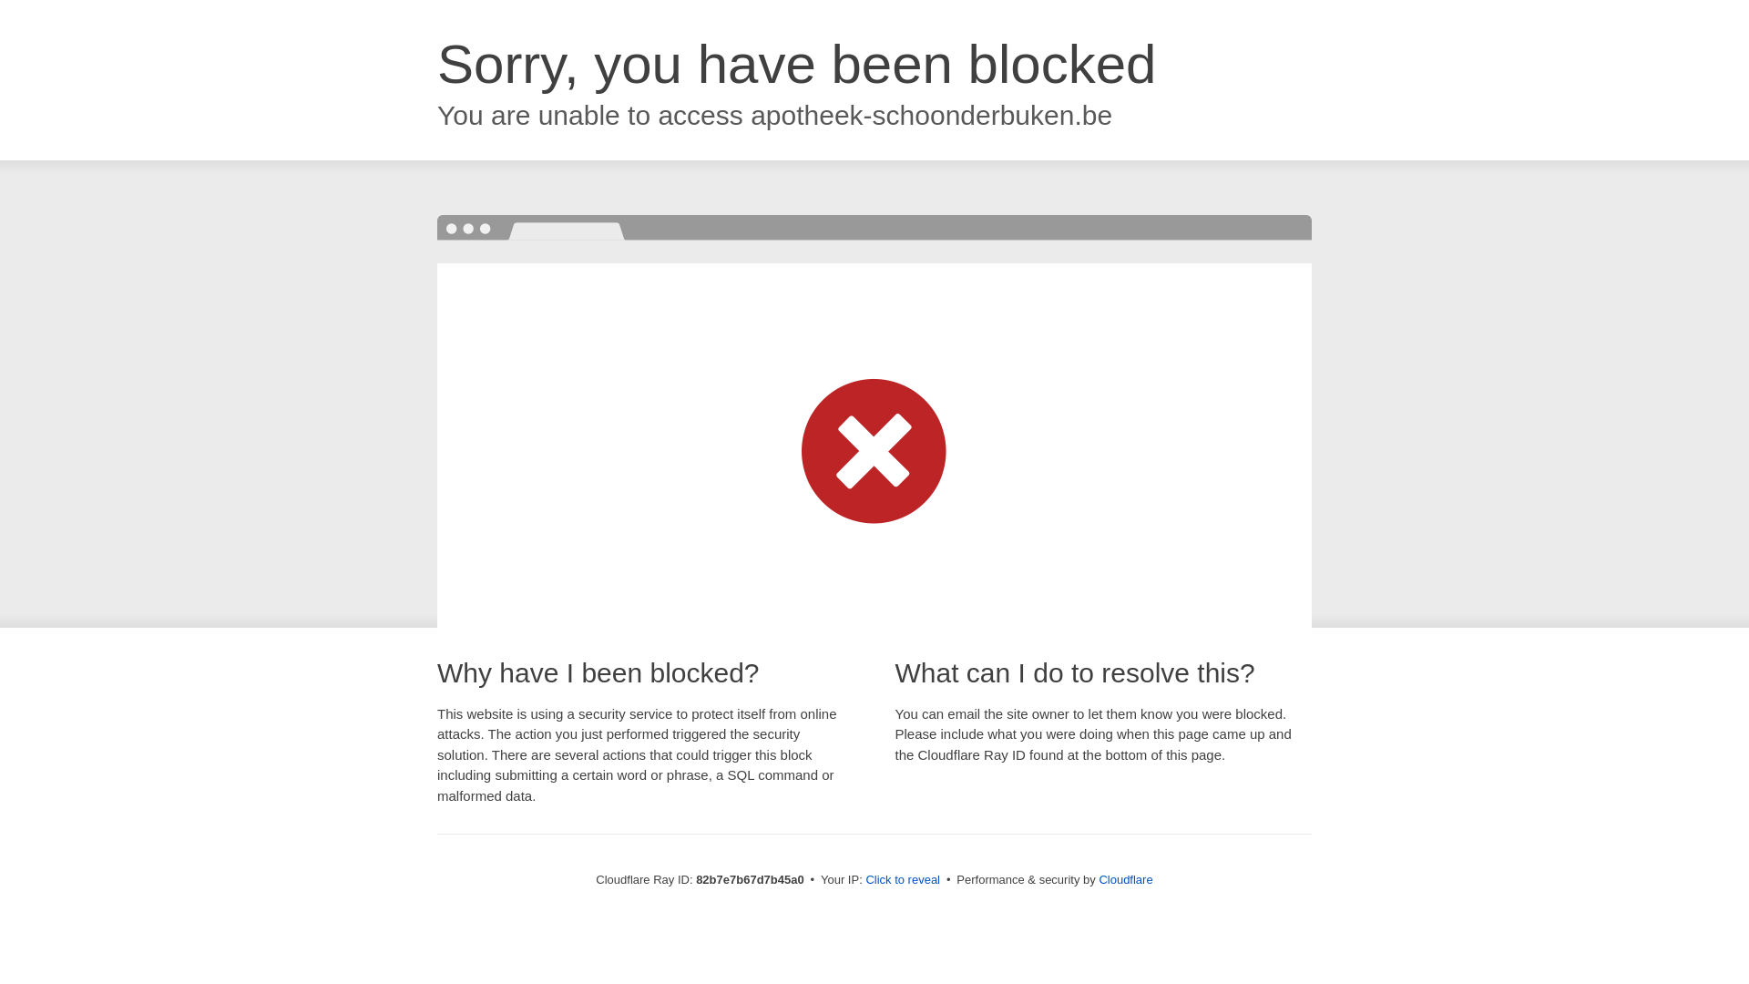  Describe the element at coordinates (1124, 878) in the screenshot. I see `'Cloudflare'` at that location.